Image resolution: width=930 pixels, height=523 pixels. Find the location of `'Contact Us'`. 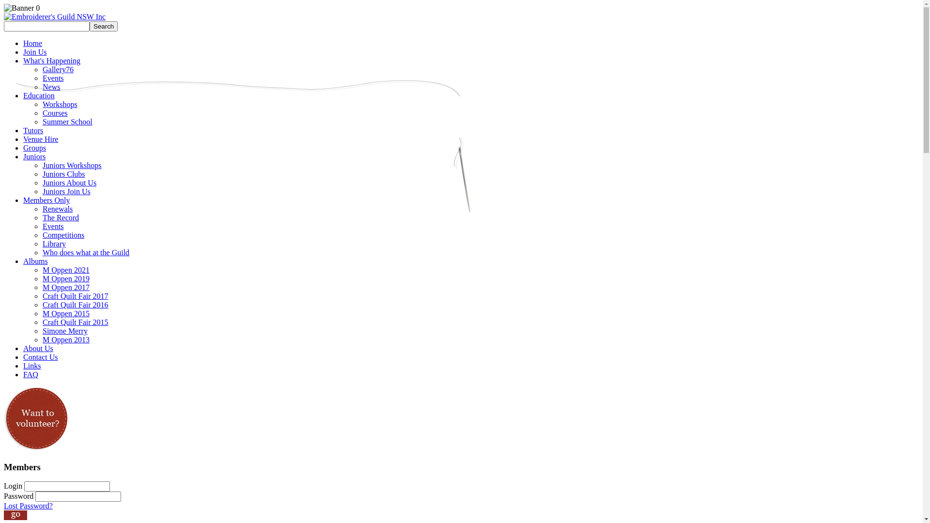

'Contact Us' is located at coordinates (23, 357).